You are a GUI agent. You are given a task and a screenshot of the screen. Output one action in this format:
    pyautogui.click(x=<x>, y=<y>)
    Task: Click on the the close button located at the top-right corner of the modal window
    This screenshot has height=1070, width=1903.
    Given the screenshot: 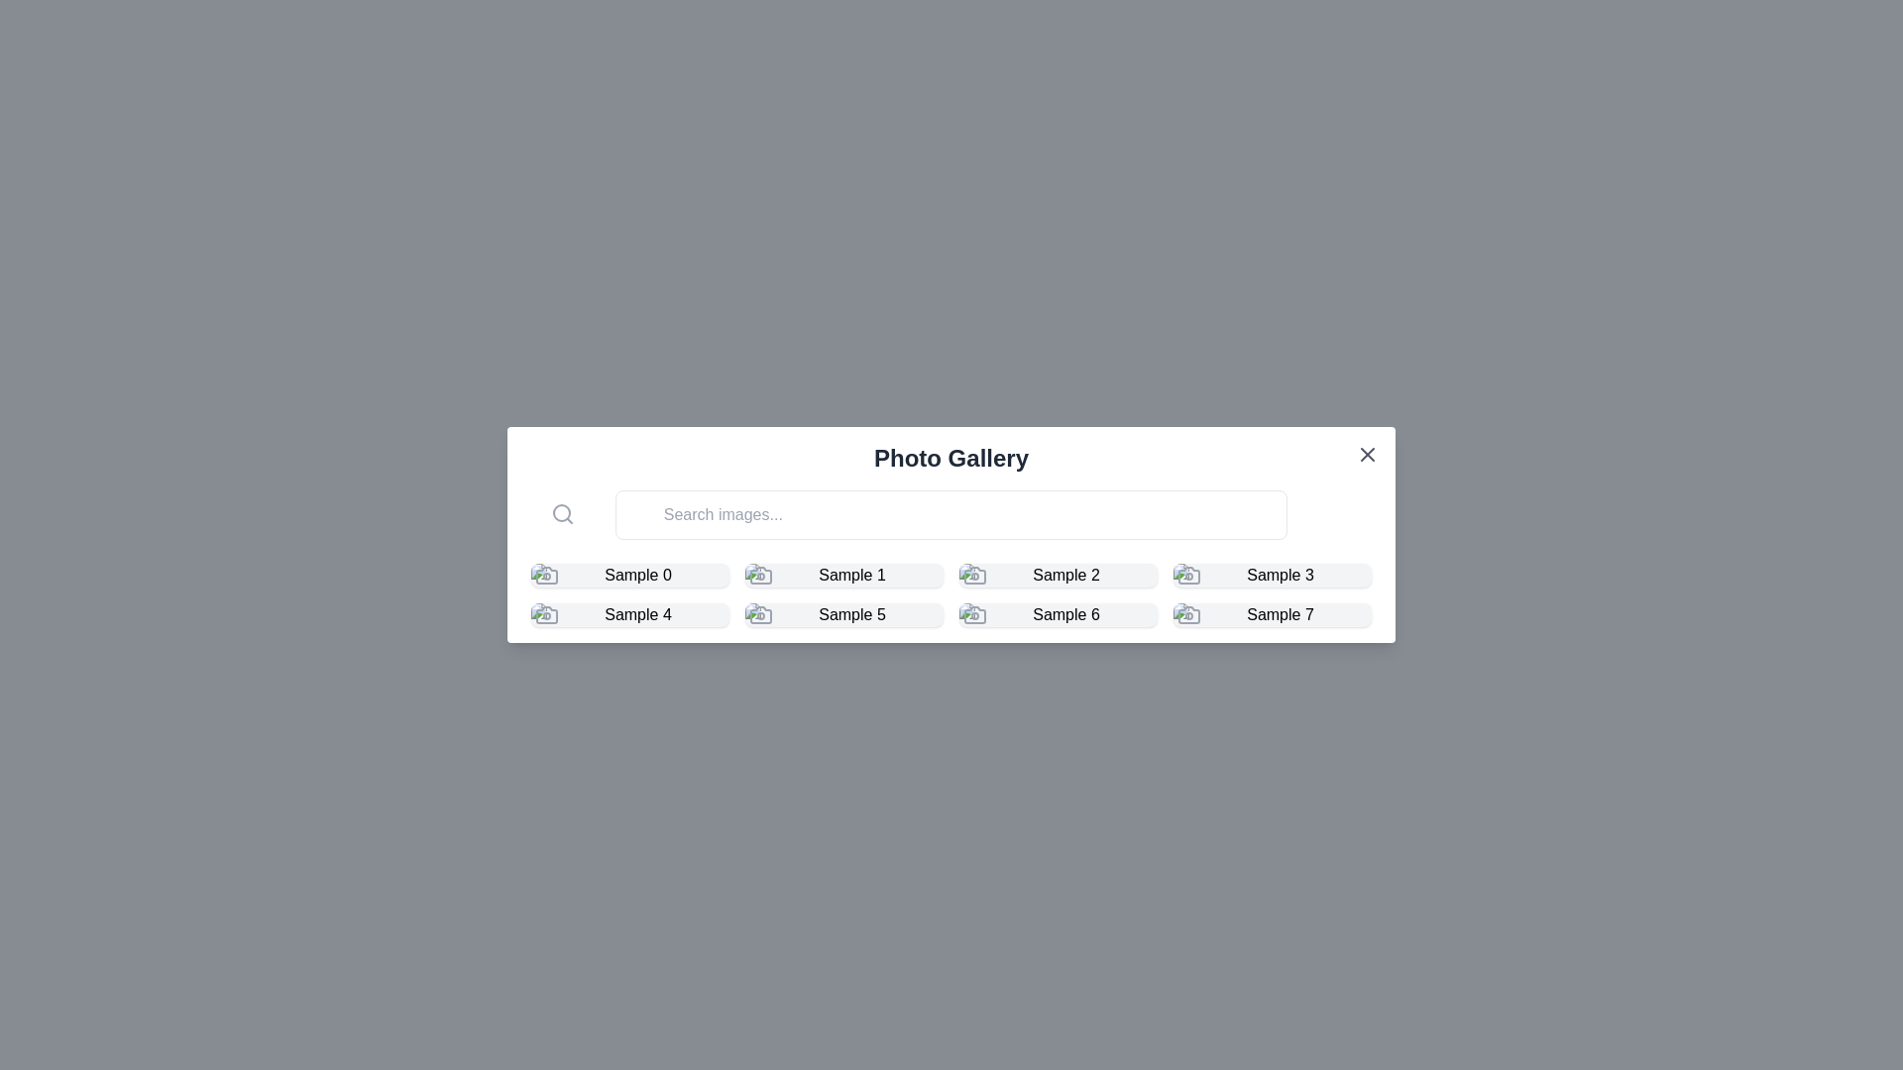 What is the action you would take?
    pyautogui.click(x=1367, y=455)
    